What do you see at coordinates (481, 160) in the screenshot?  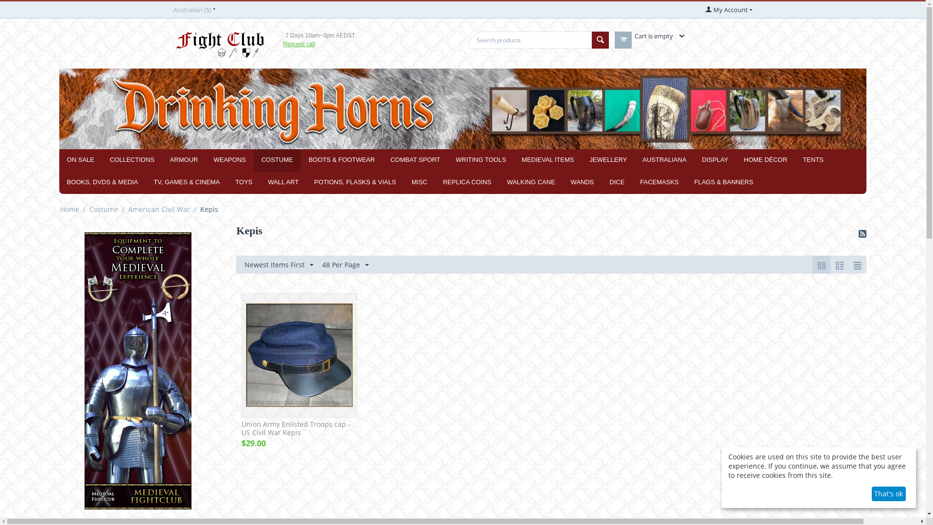 I see `'WRITING TOOLS'` at bounding box center [481, 160].